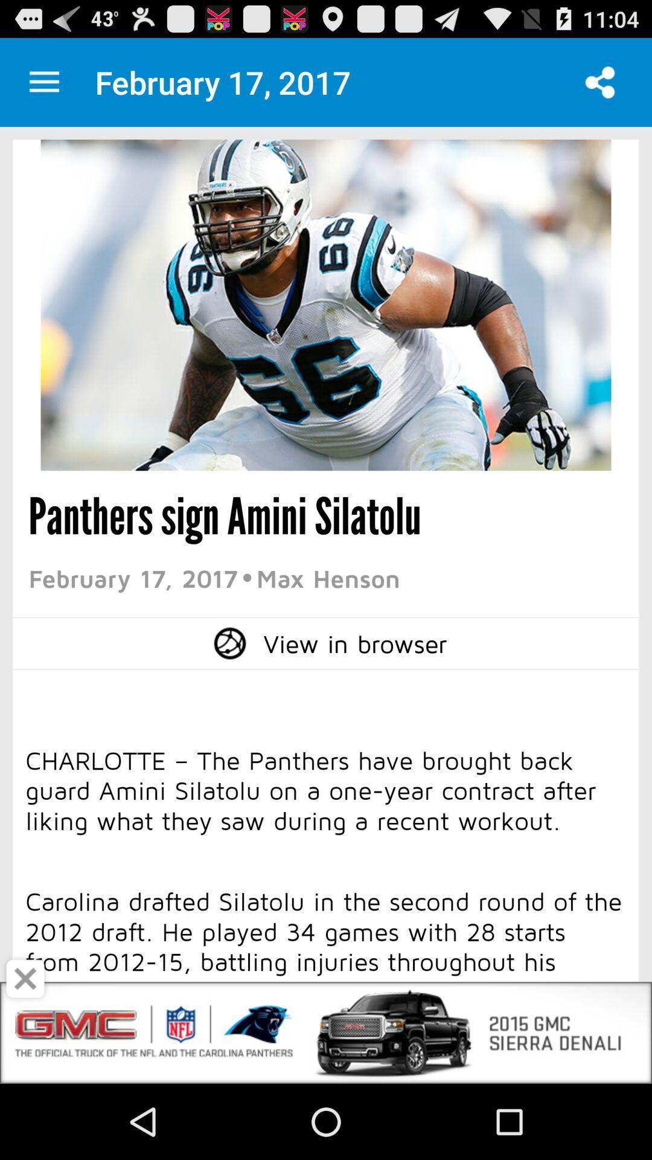 Image resolution: width=652 pixels, height=1160 pixels. Describe the element at coordinates (43, 82) in the screenshot. I see `bring up options` at that location.